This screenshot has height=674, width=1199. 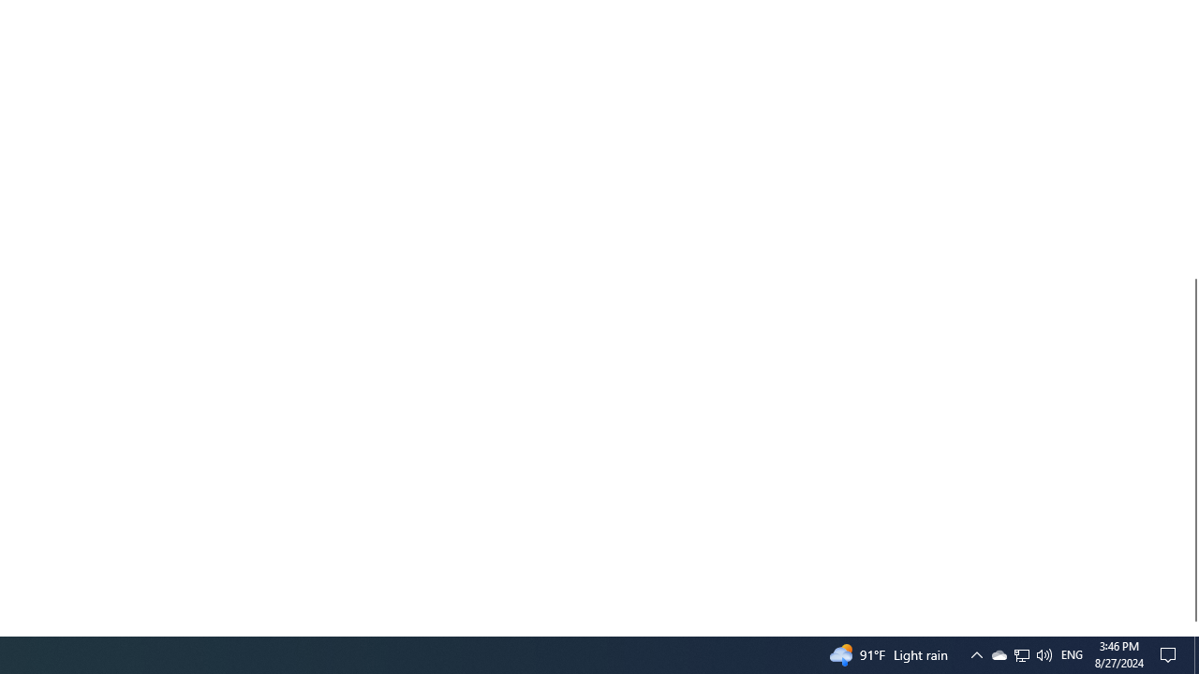 I want to click on 'Q2790: 100%', so click(x=998, y=653).